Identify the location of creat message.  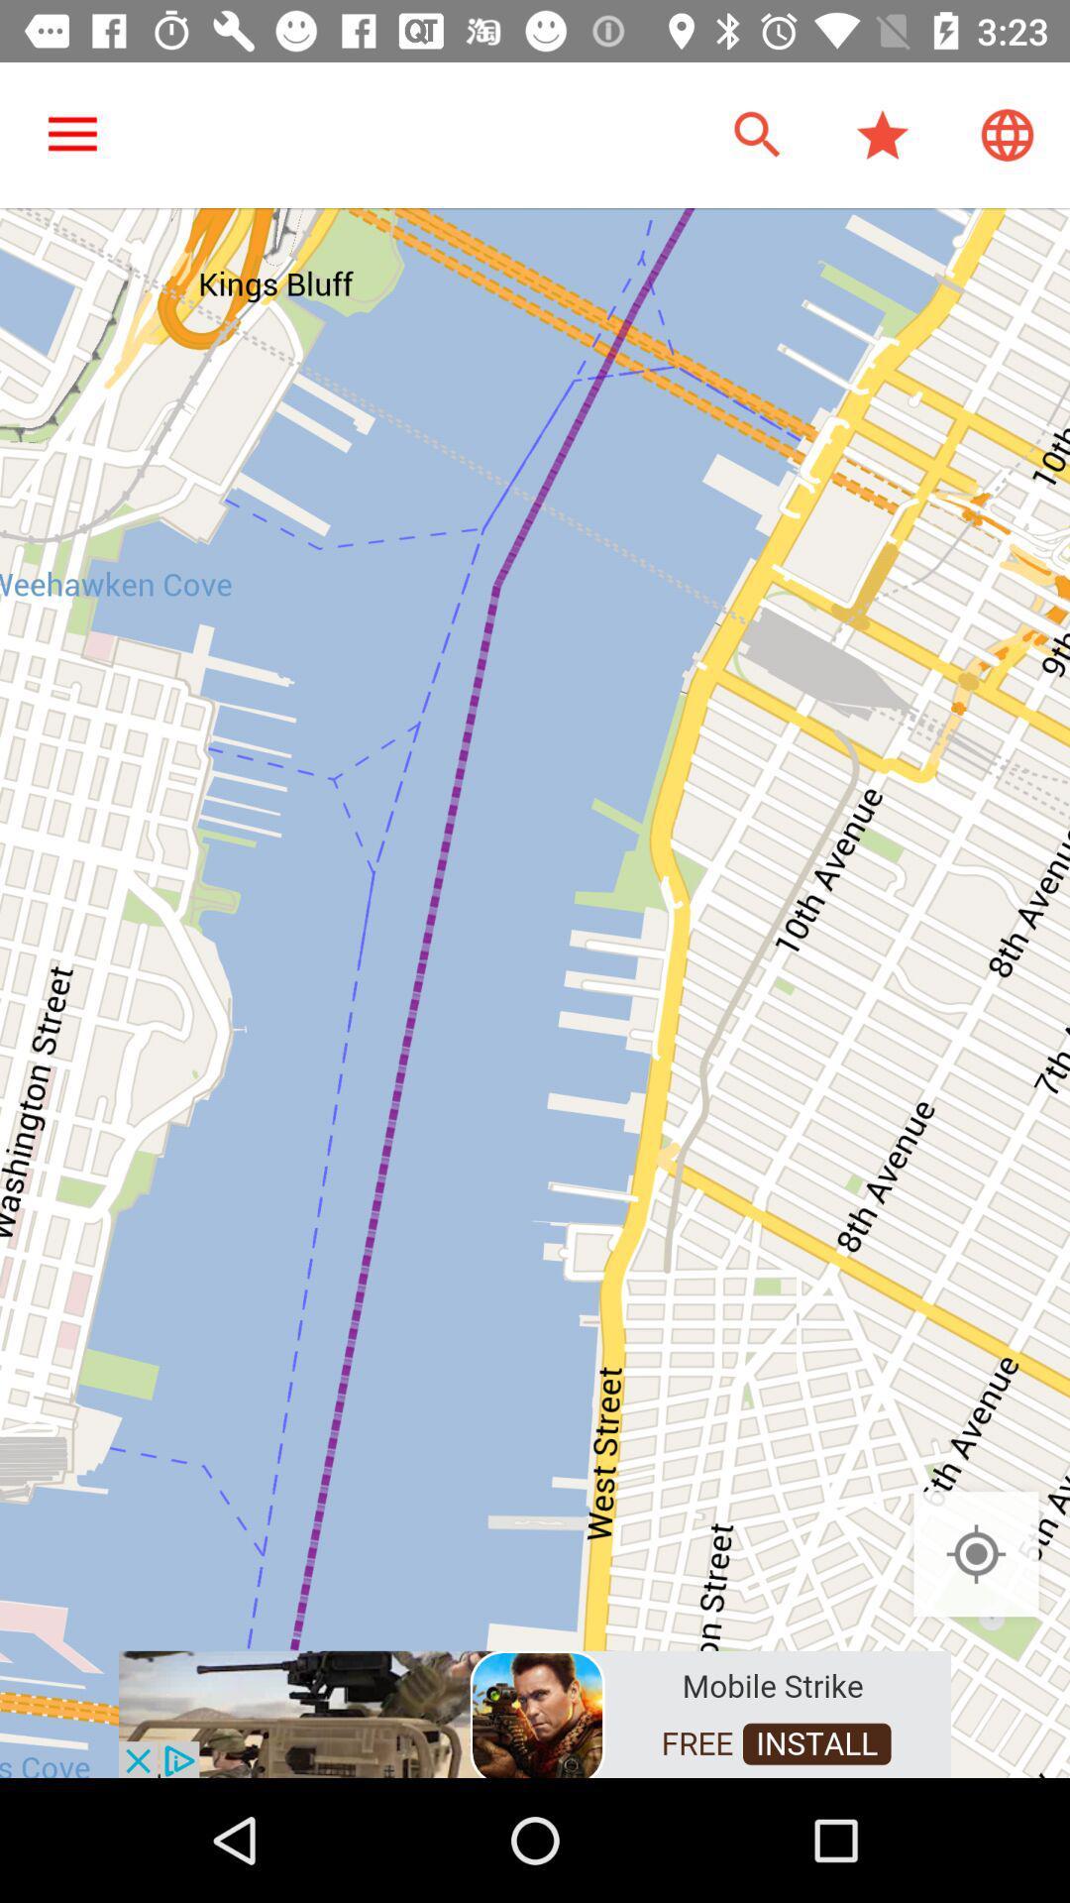
(535, 1712).